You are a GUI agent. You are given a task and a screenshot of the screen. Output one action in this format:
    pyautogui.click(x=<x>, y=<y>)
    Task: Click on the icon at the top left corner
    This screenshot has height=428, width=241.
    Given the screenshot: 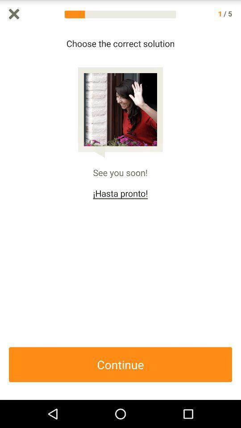 What is the action you would take?
    pyautogui.click(x=13, y=13)
    